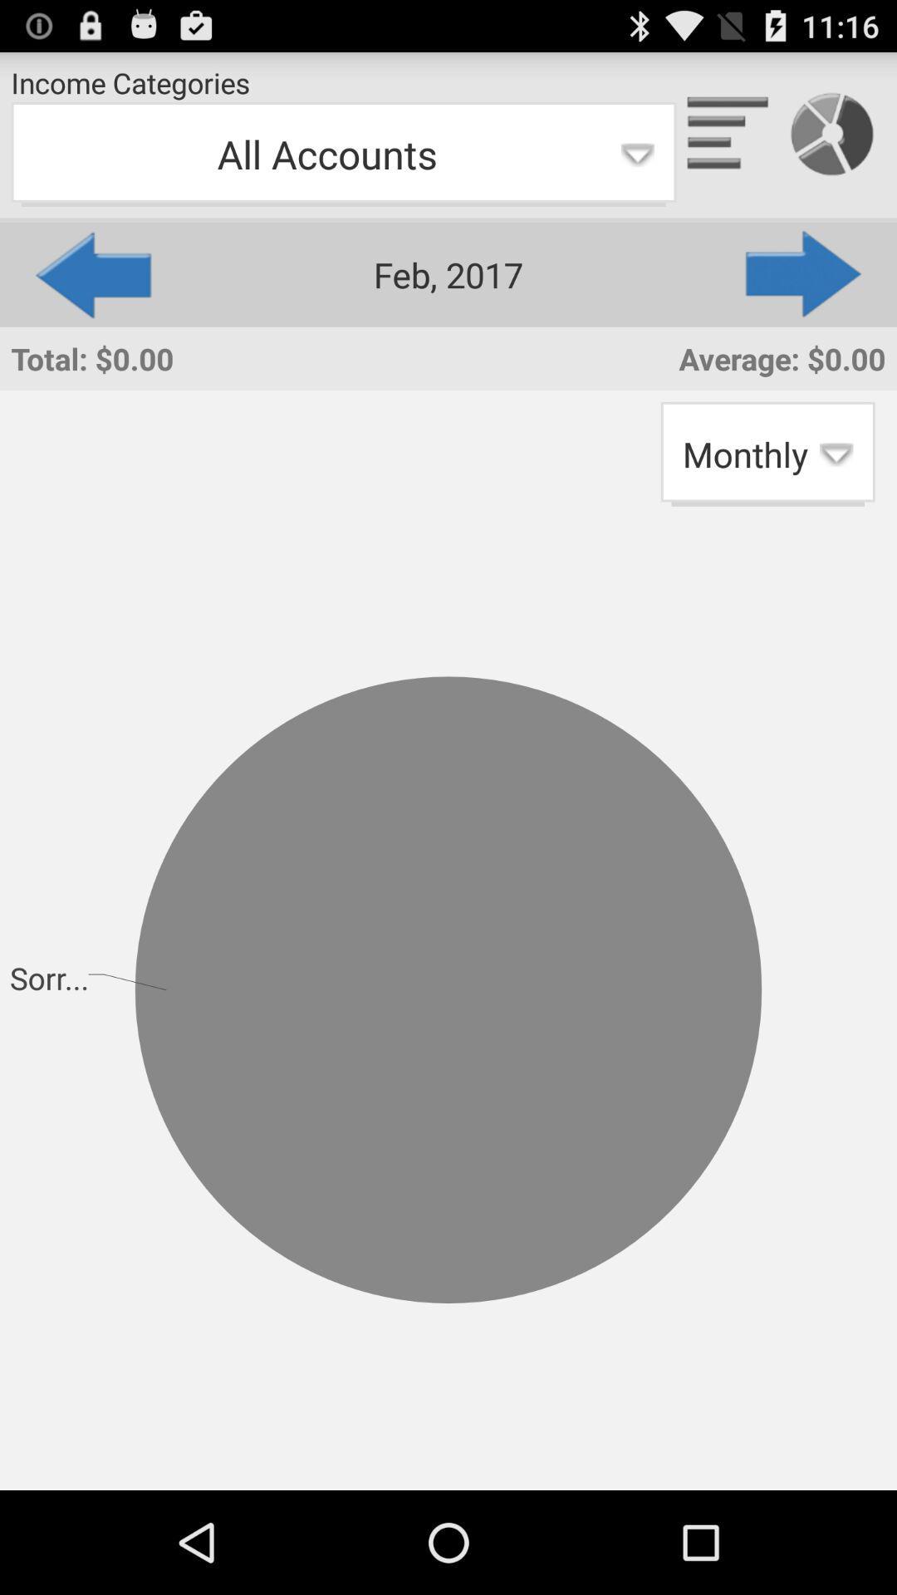 The image size is (897, 1595). Describe the element at coordinates (804, 274) in the screenshot. I see `the button to the right of the all accounts icon` at that location.